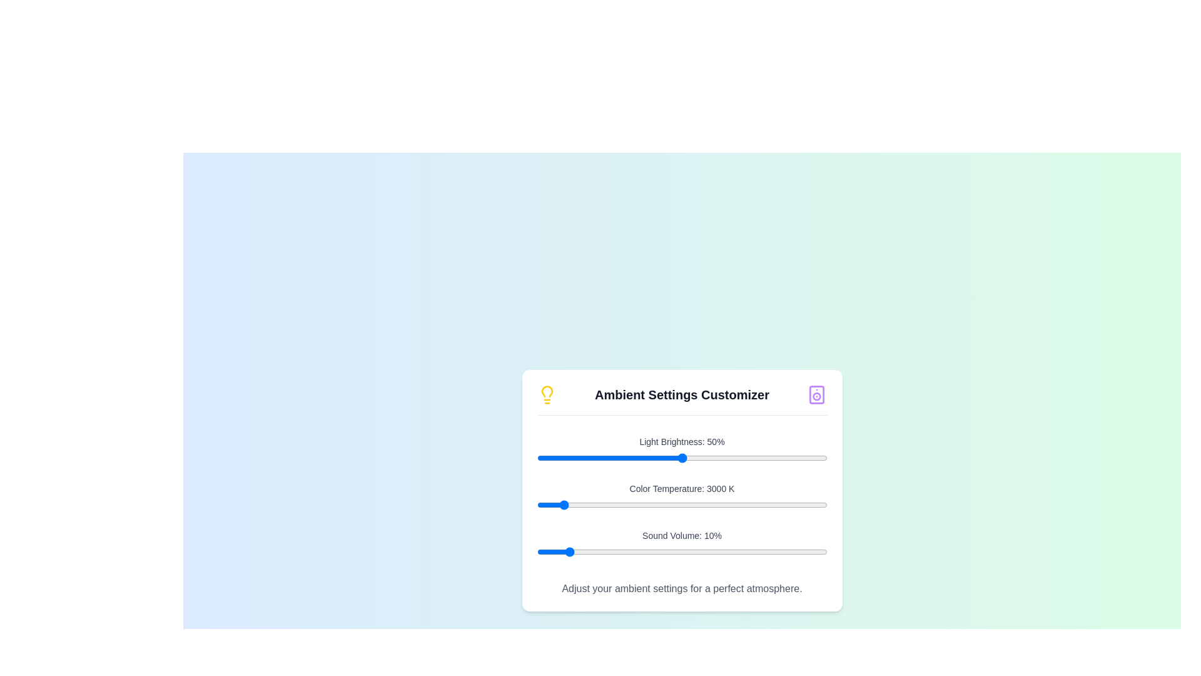  I want to click on the color temperature, so click(545, 504).